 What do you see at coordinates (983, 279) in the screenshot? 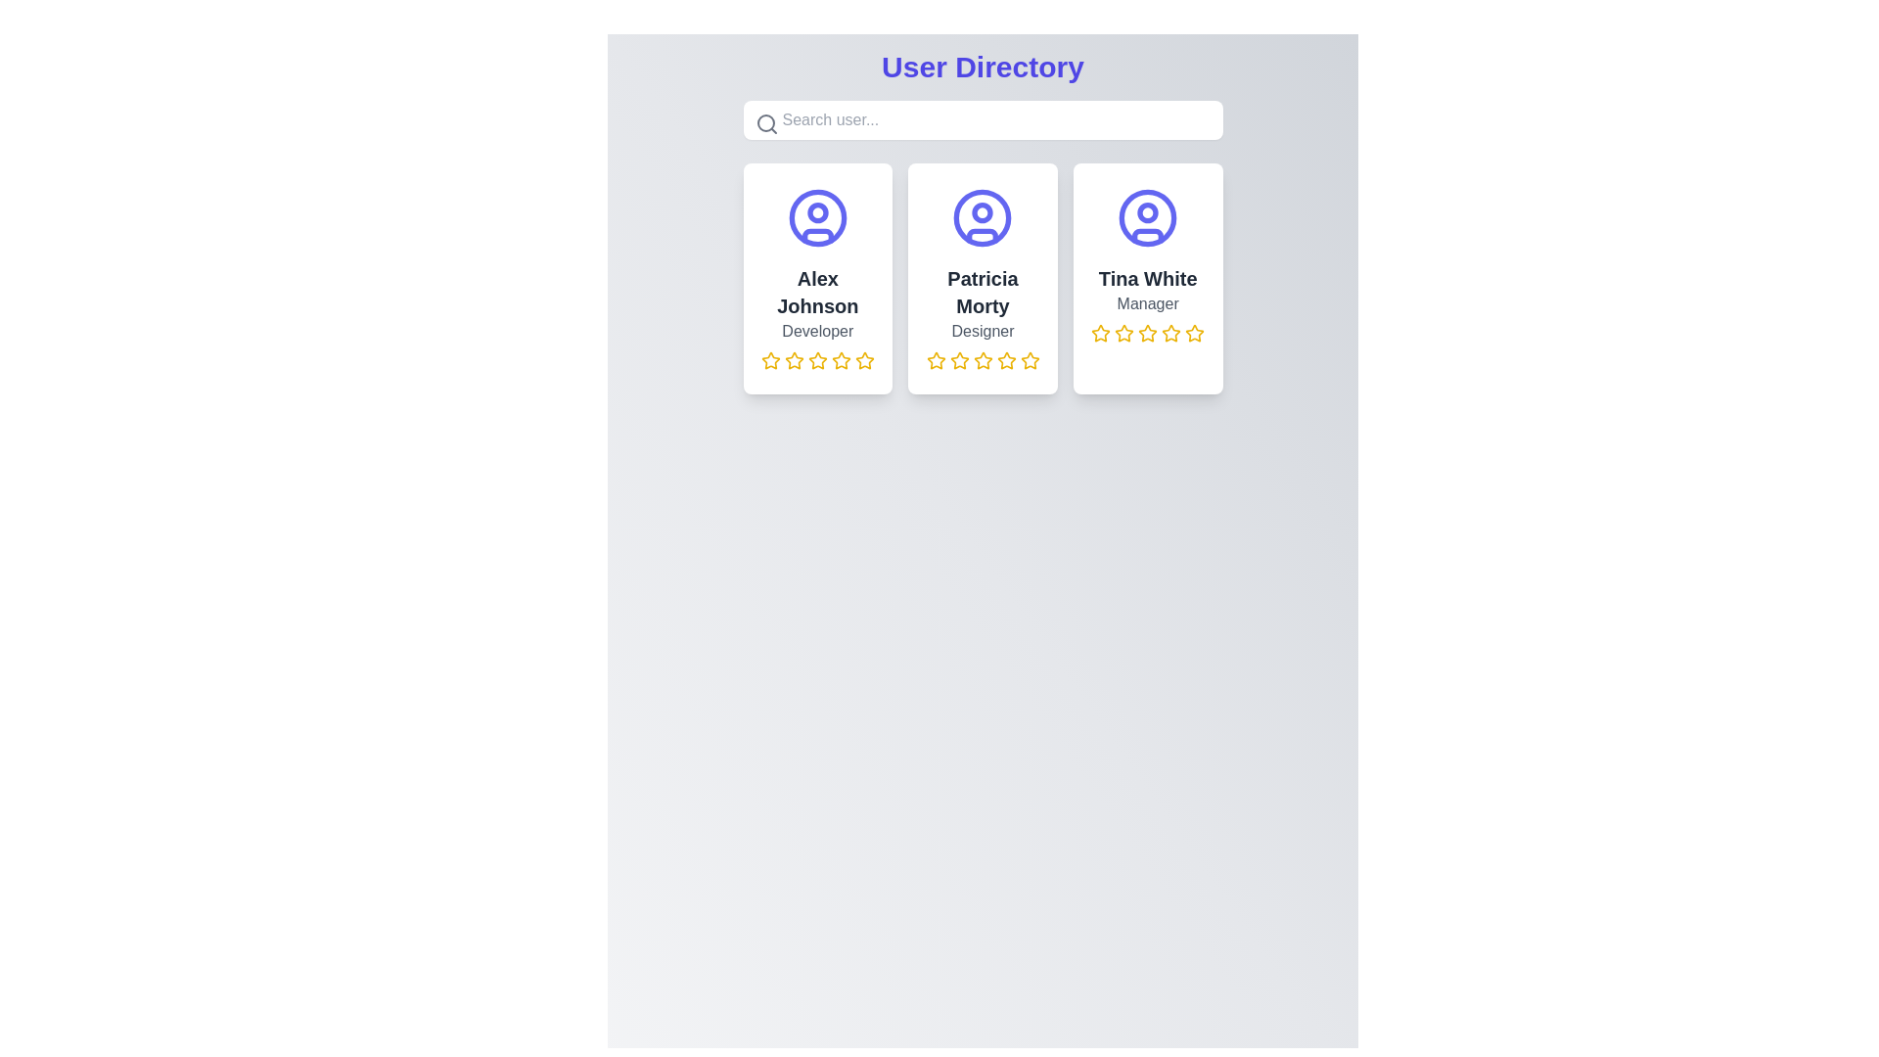
I see `the grid of user profile cards under the 'User Directory' heading` at bounding box center [983, 279].